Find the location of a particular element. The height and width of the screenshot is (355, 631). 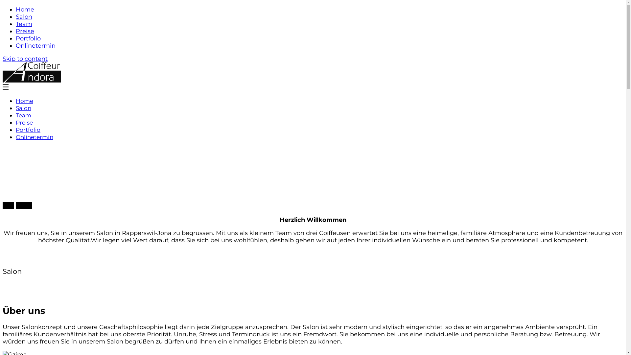

'Onlinetermin' is located at coordinates (34, 136).